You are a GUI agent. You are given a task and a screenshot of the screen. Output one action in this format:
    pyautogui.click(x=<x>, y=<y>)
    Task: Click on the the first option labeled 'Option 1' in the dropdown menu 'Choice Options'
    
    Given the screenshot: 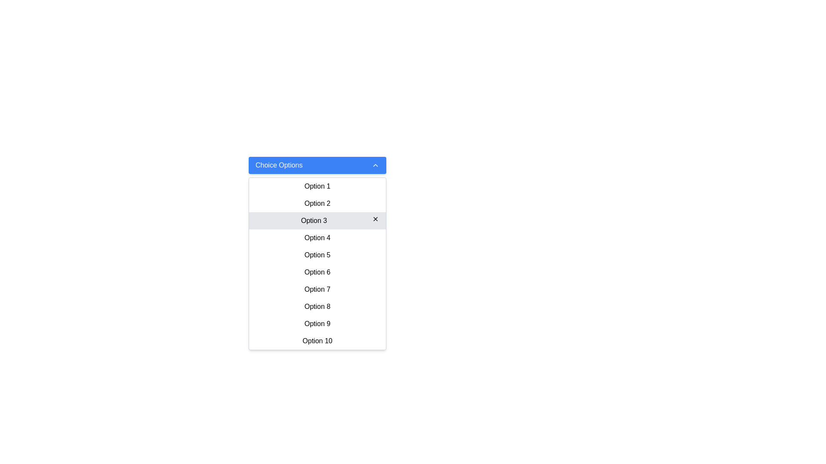 What is the action you would take?
    pyautogui.click(x=317, y=185)
    